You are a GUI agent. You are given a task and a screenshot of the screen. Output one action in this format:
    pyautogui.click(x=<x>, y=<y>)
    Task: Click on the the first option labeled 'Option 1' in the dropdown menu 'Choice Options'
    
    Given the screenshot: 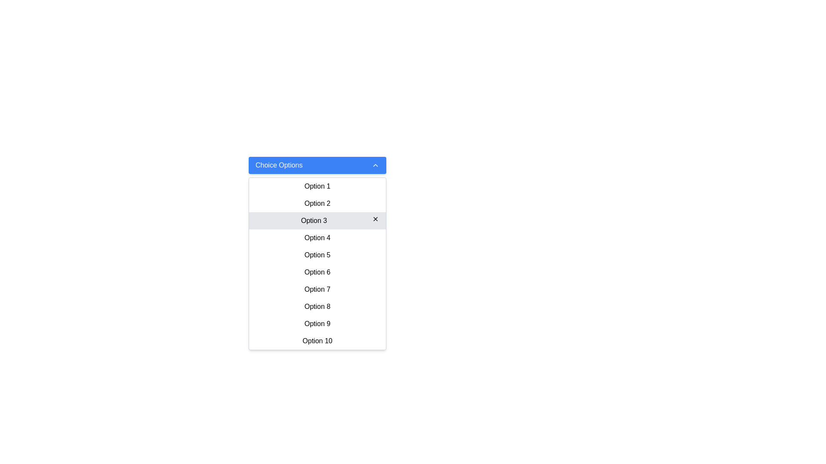 What is the action you would take?
    pyautogui.click(x=317, y=185)
    